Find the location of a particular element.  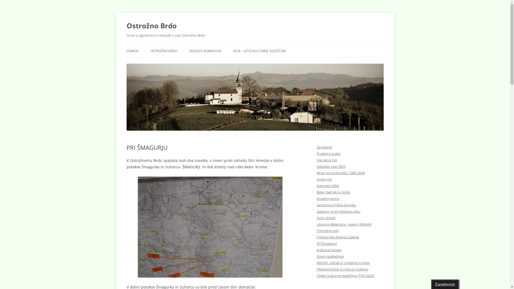

'Vodni viri' is located at coordinates (323, 179).